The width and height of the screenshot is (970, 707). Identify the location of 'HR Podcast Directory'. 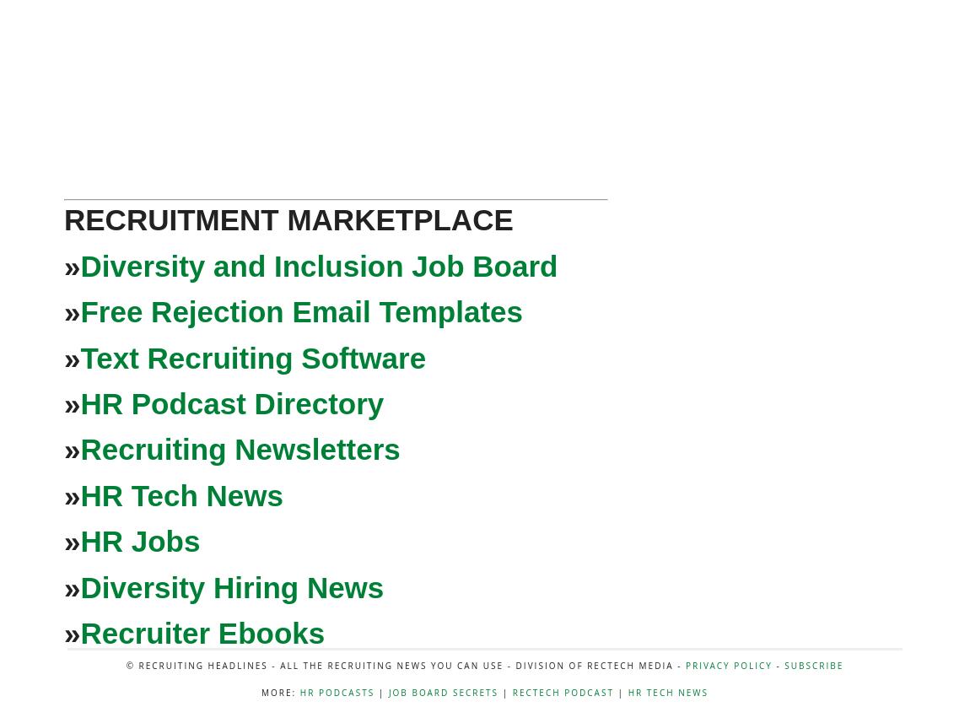
(230, 403).